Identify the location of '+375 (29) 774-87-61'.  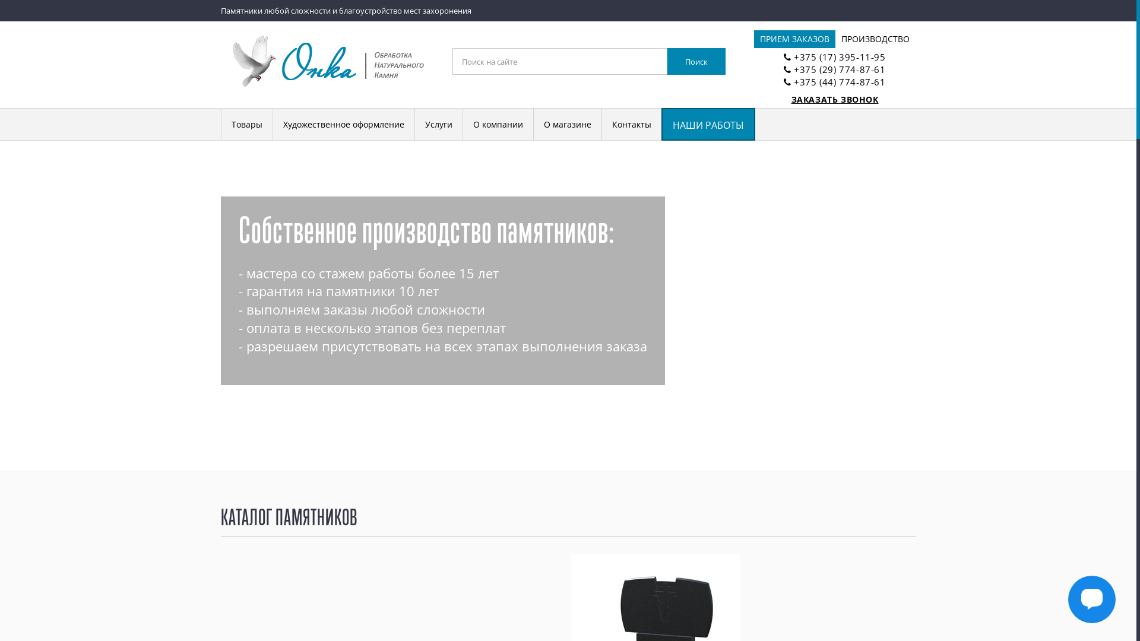
(839, 69).